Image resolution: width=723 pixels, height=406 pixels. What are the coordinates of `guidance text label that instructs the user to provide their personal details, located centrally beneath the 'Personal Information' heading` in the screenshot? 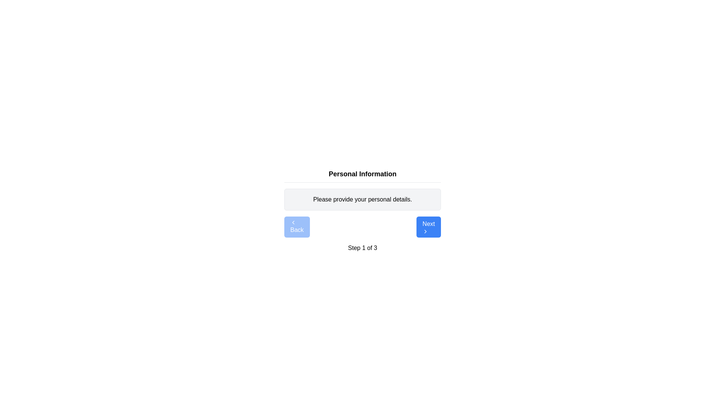 It's located at (363, 199).